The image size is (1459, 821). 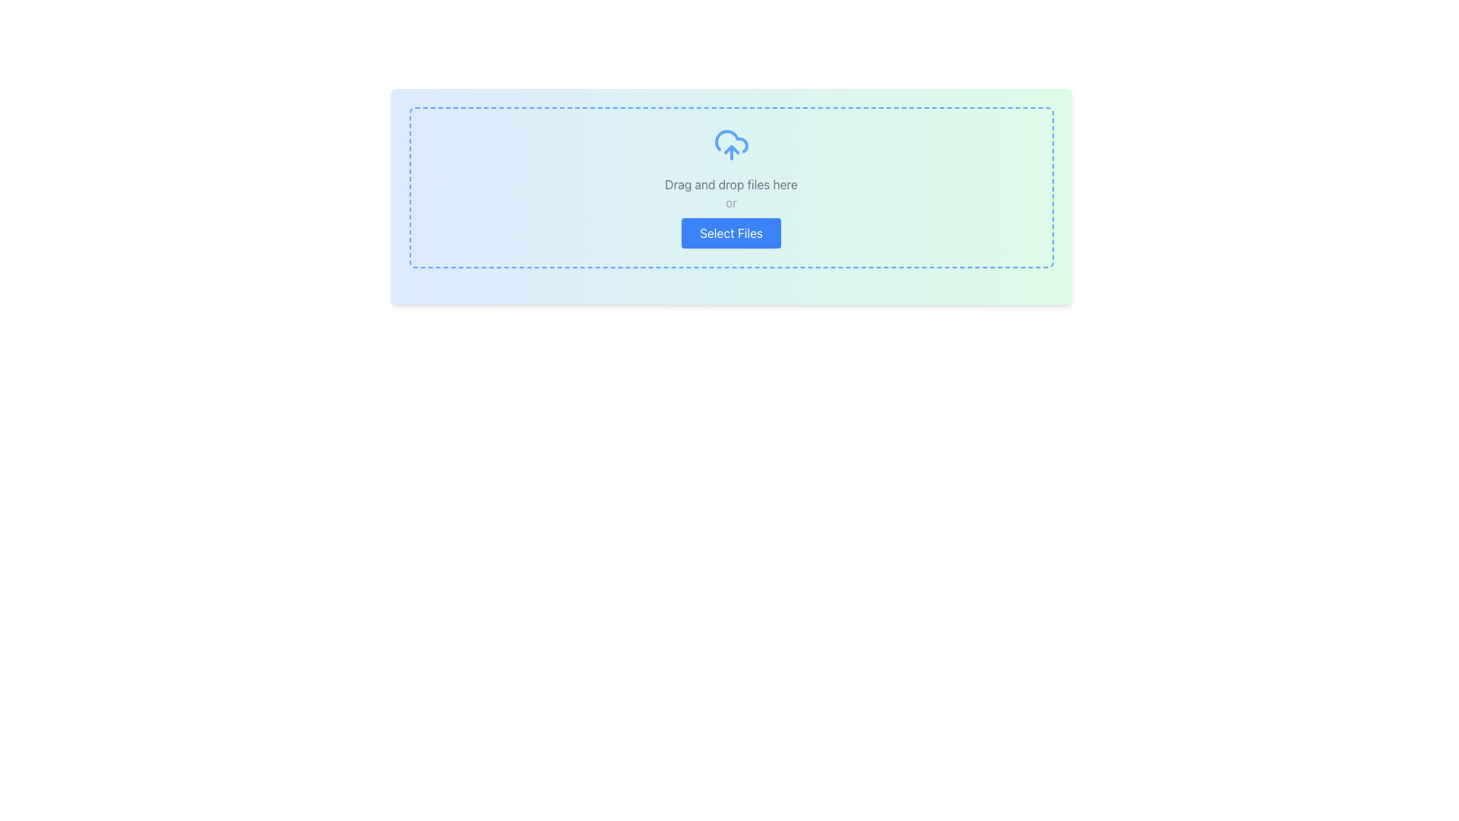 I want to click on instruction from the text label displaying 'Drag and drop files here', which is positioned centrally within the drop zone interface, so click(x=731, y=184).